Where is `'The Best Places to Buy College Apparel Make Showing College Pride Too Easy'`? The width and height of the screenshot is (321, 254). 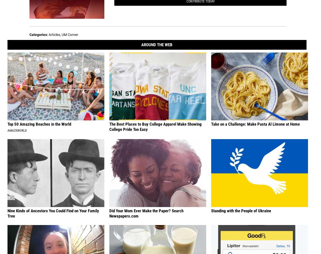 'The Best Places to Buy College Apparel Make Showing College Pride Too Easy' is located at coordinates (109, 126).